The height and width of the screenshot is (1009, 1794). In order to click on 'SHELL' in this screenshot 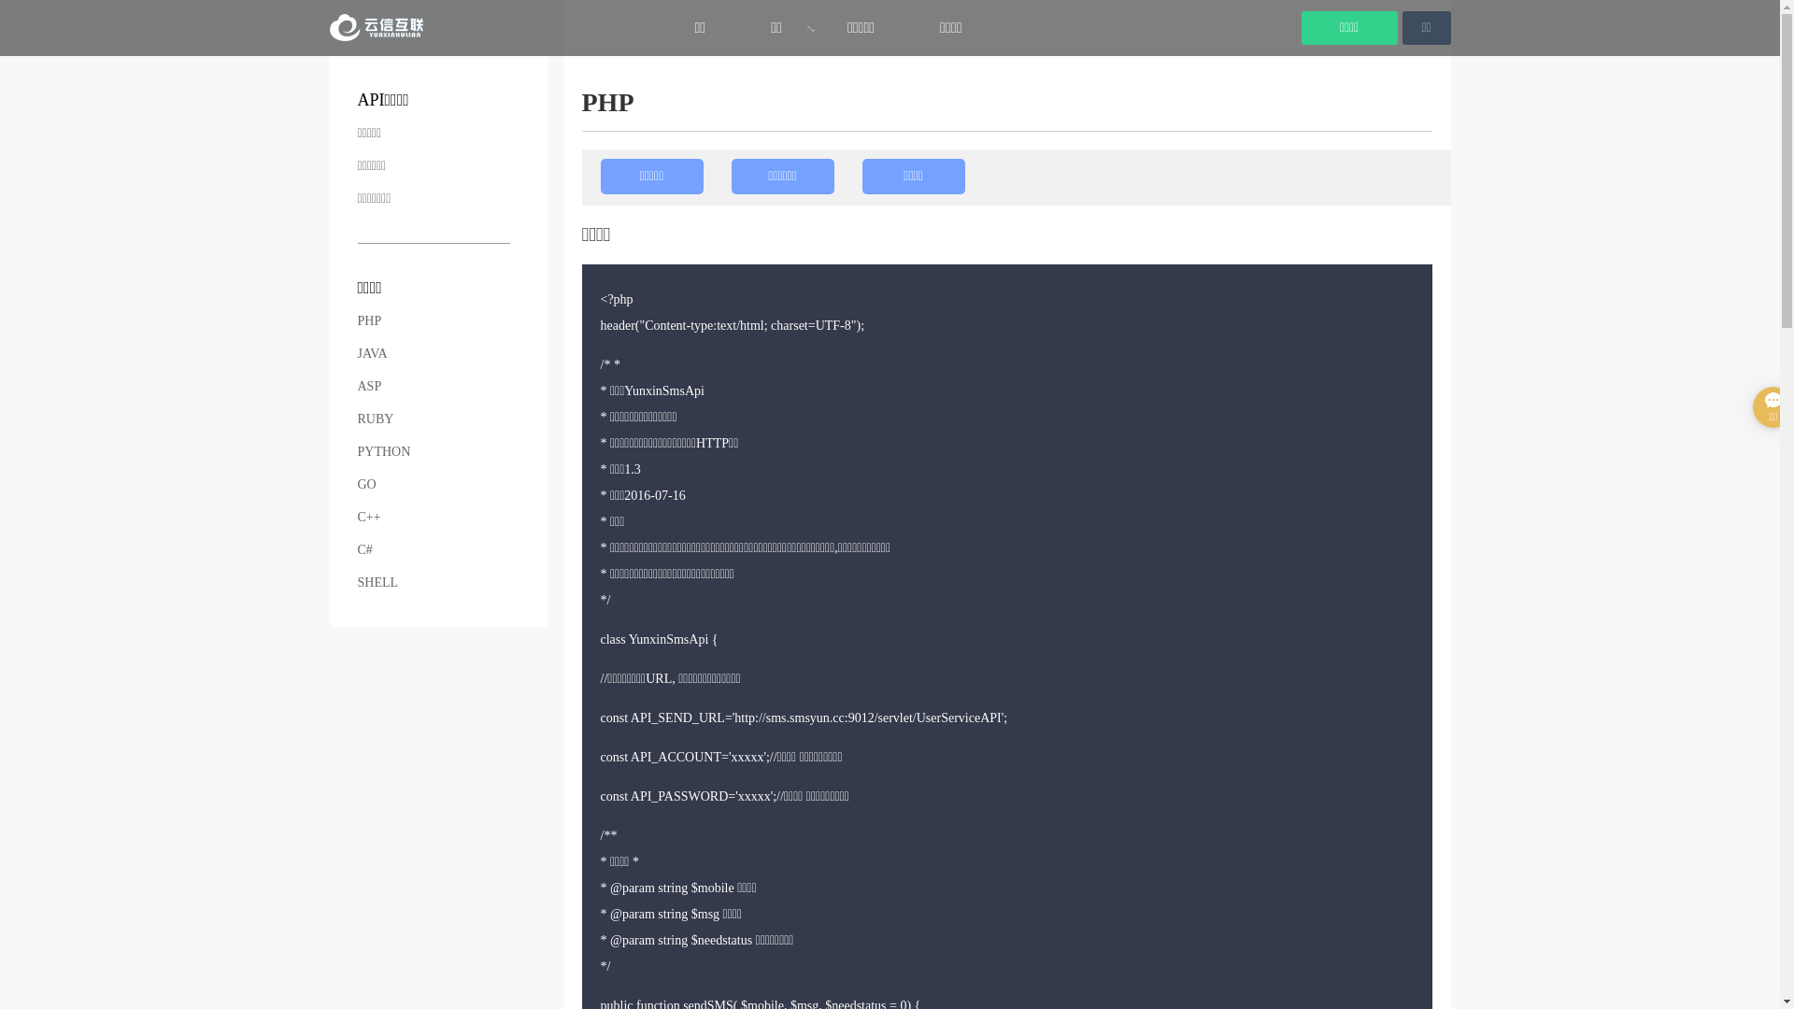, I will do `click(357, 581)`.